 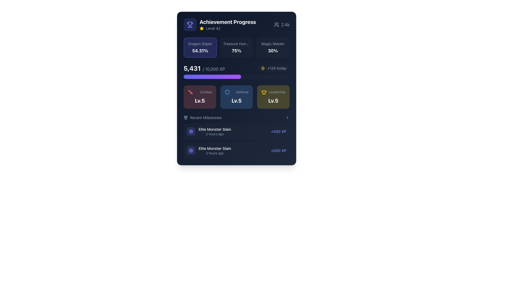 What do you see at coordinates (273, 97) in the screenshot?
I see `the information displayed on the 'Leadership Lv.5' informational card, which is the third card in a row of three within a skill progression system interface` at bounding box center [273, 97].